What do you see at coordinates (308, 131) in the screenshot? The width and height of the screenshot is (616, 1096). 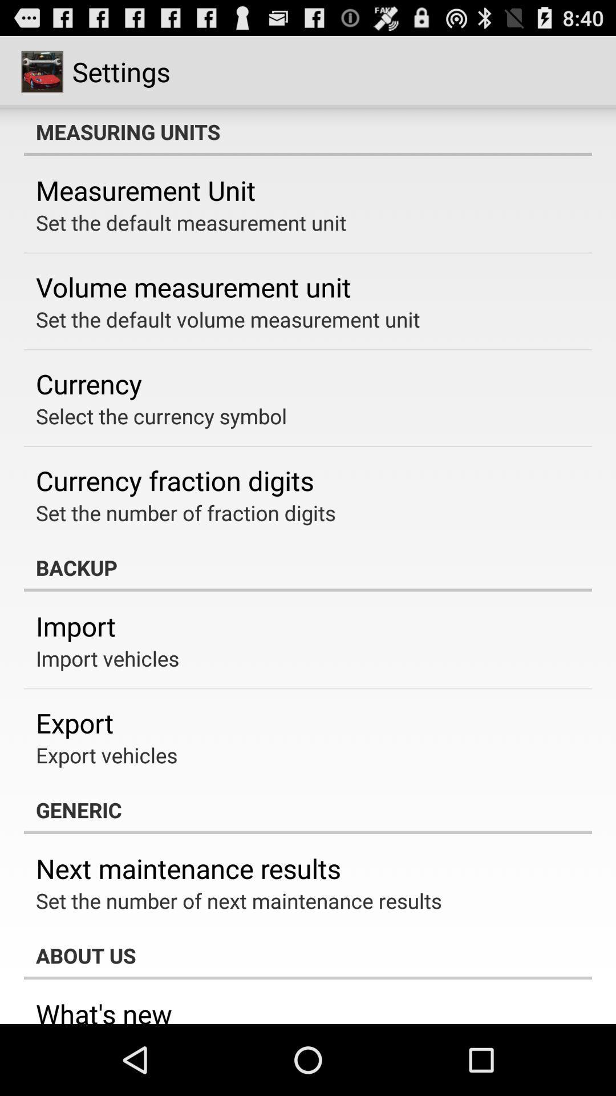 I see `the icon above measurement unit app` at bounding box center [308, 131].